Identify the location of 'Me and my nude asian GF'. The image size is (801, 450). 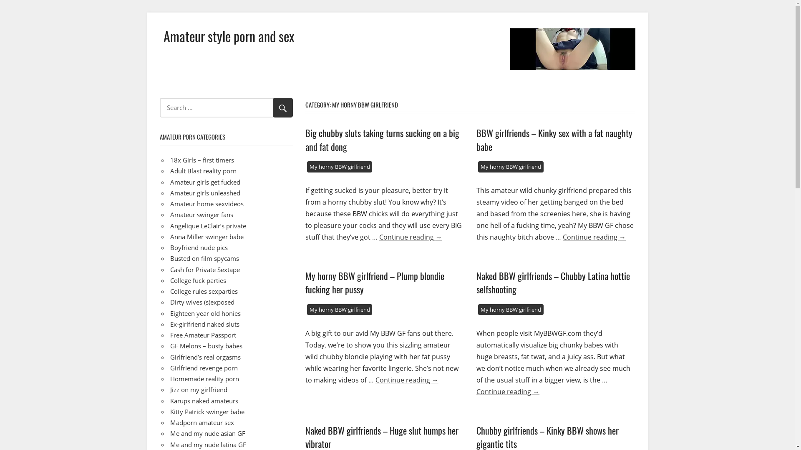
(208, 433).